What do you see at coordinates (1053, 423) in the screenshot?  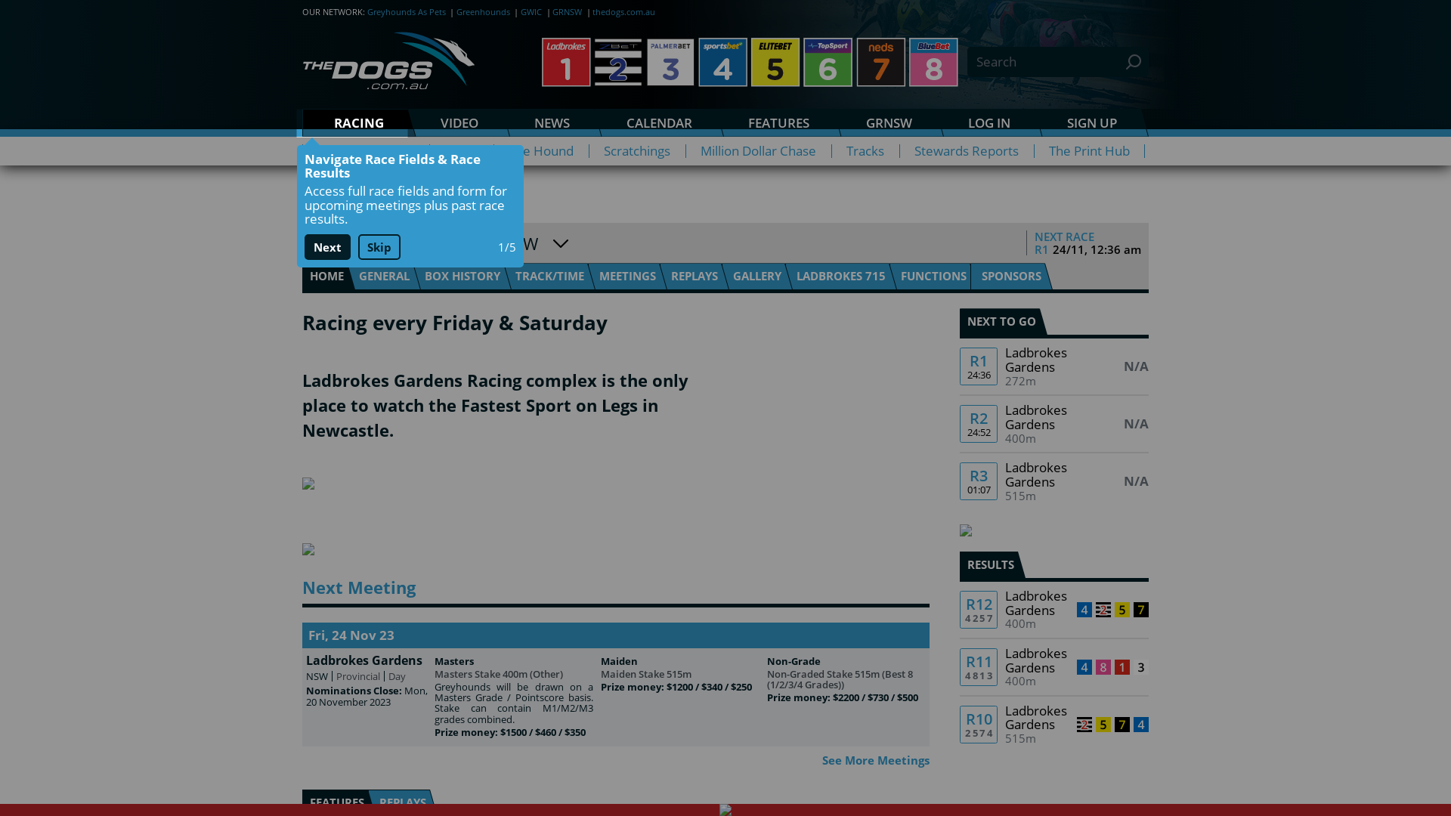 I see `'R2` at bounding box center [1053, 423].